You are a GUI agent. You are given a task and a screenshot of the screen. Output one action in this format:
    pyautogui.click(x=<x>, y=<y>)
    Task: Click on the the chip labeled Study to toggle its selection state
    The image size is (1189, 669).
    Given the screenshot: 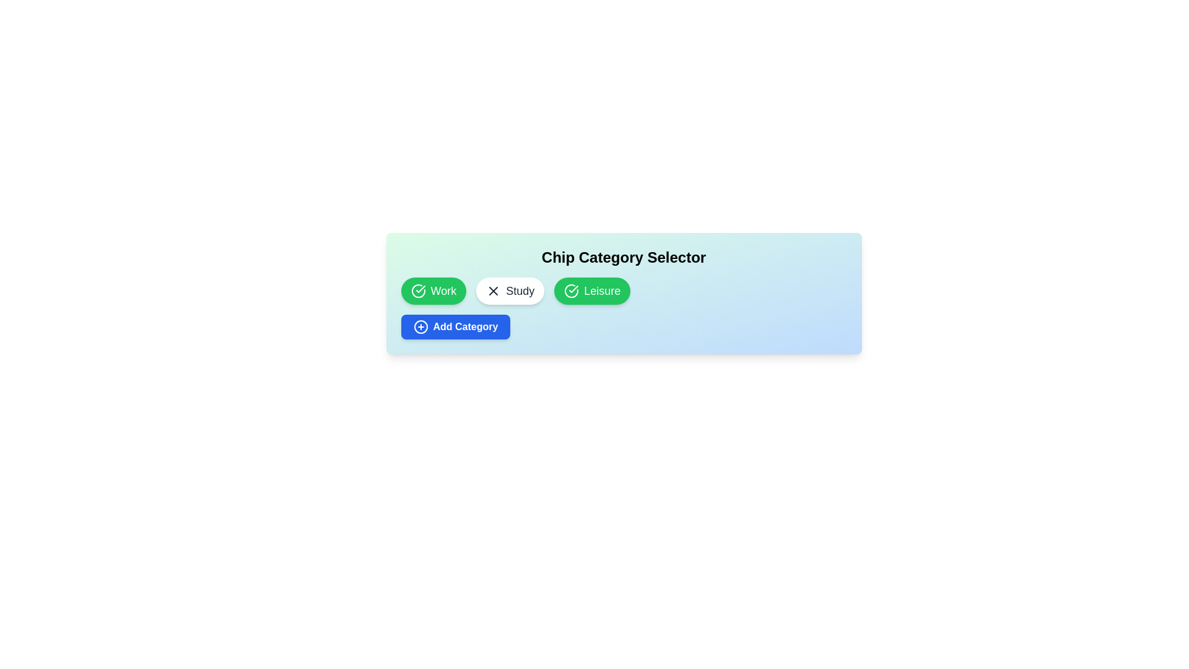 What is the action you would take?
    pyautogui.click(x=510, y=291)
    